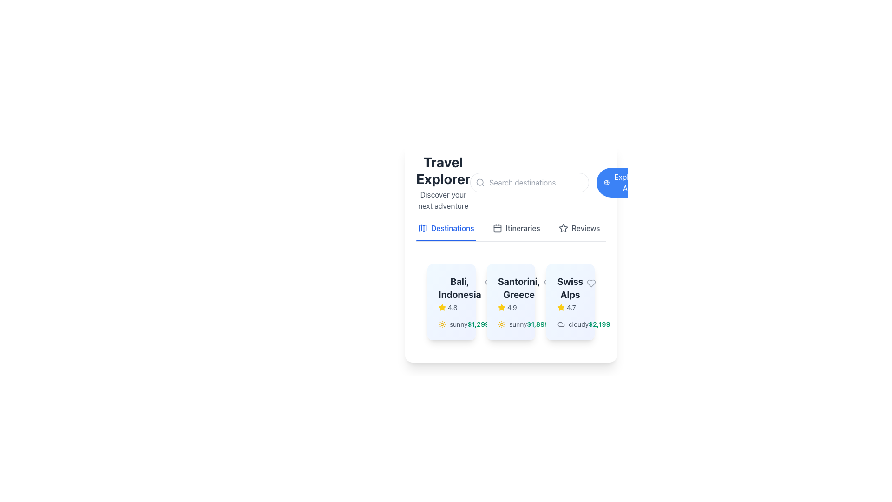 This screenshot has width=892, height=502. What do you see at coordinates (548, 283) in the screenshot?
I see `the favorite icon located in the card labeled 'Swiss Alps', positioned near the top-right corner adjacent to a star icon` at bounding box center [548, 283].